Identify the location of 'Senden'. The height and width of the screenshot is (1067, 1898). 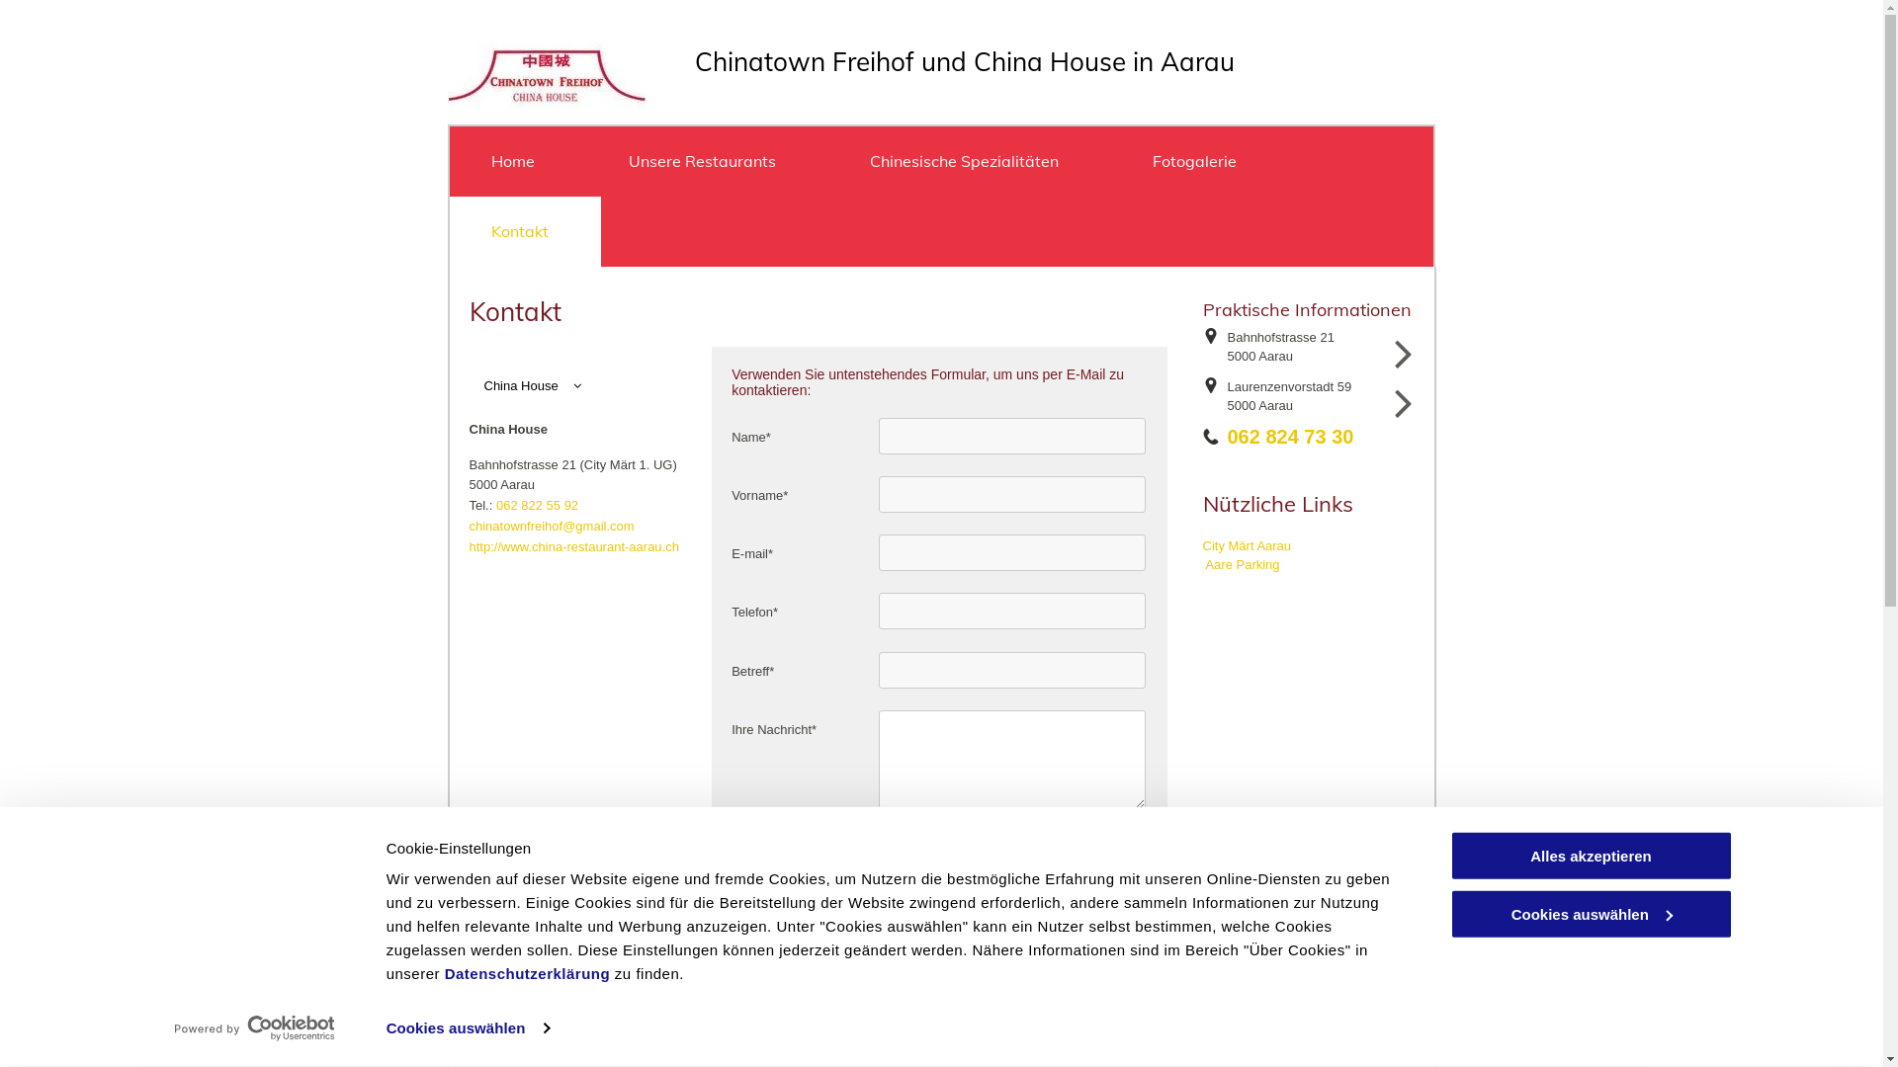
(733, 860).